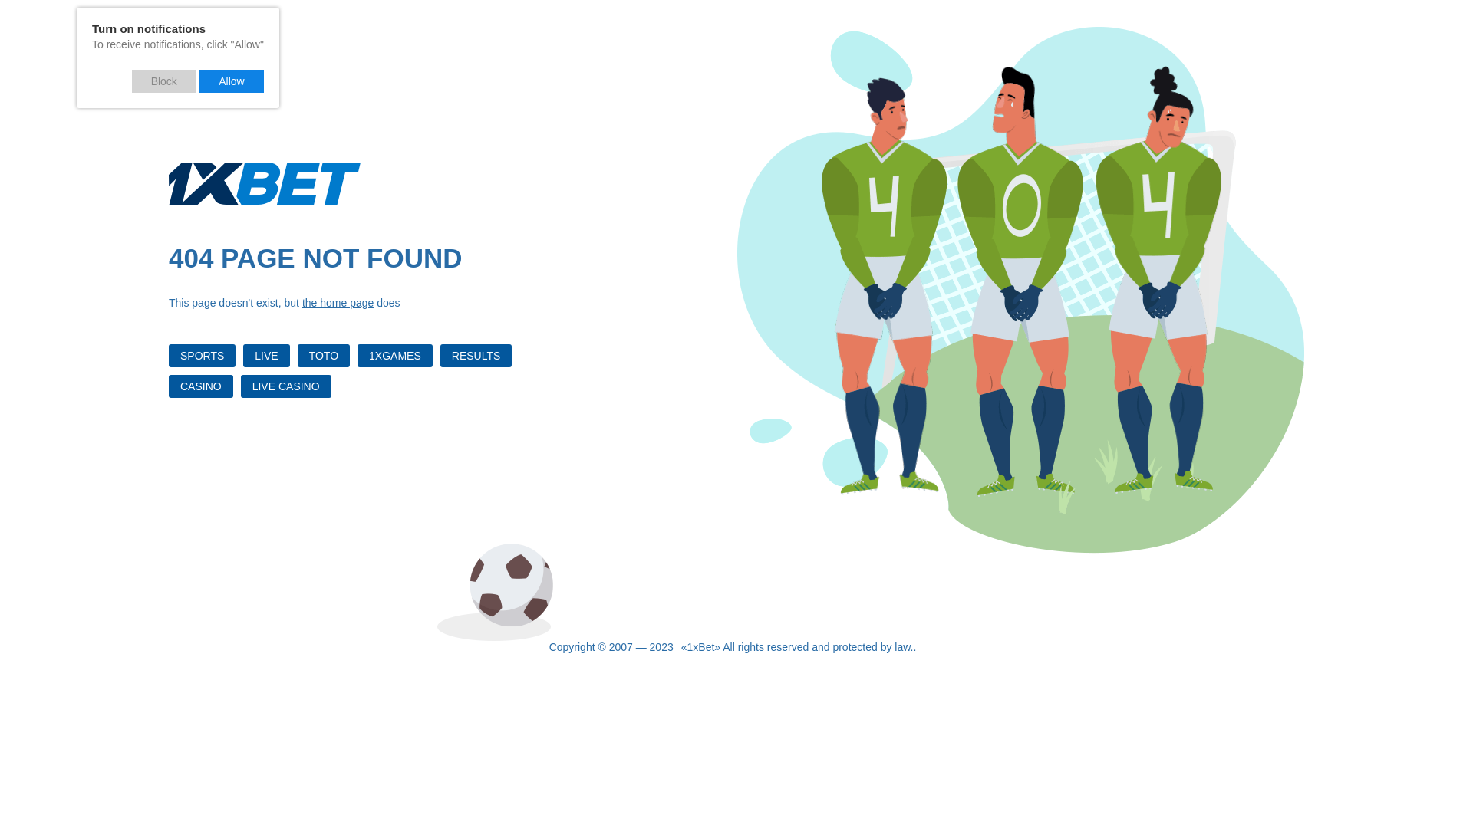 Image resolution: width=1473 pixels, height=828 pixels. Describe the element at coordinates (475, 355) in the screenshot. I see `'RESULTS'` at that location.